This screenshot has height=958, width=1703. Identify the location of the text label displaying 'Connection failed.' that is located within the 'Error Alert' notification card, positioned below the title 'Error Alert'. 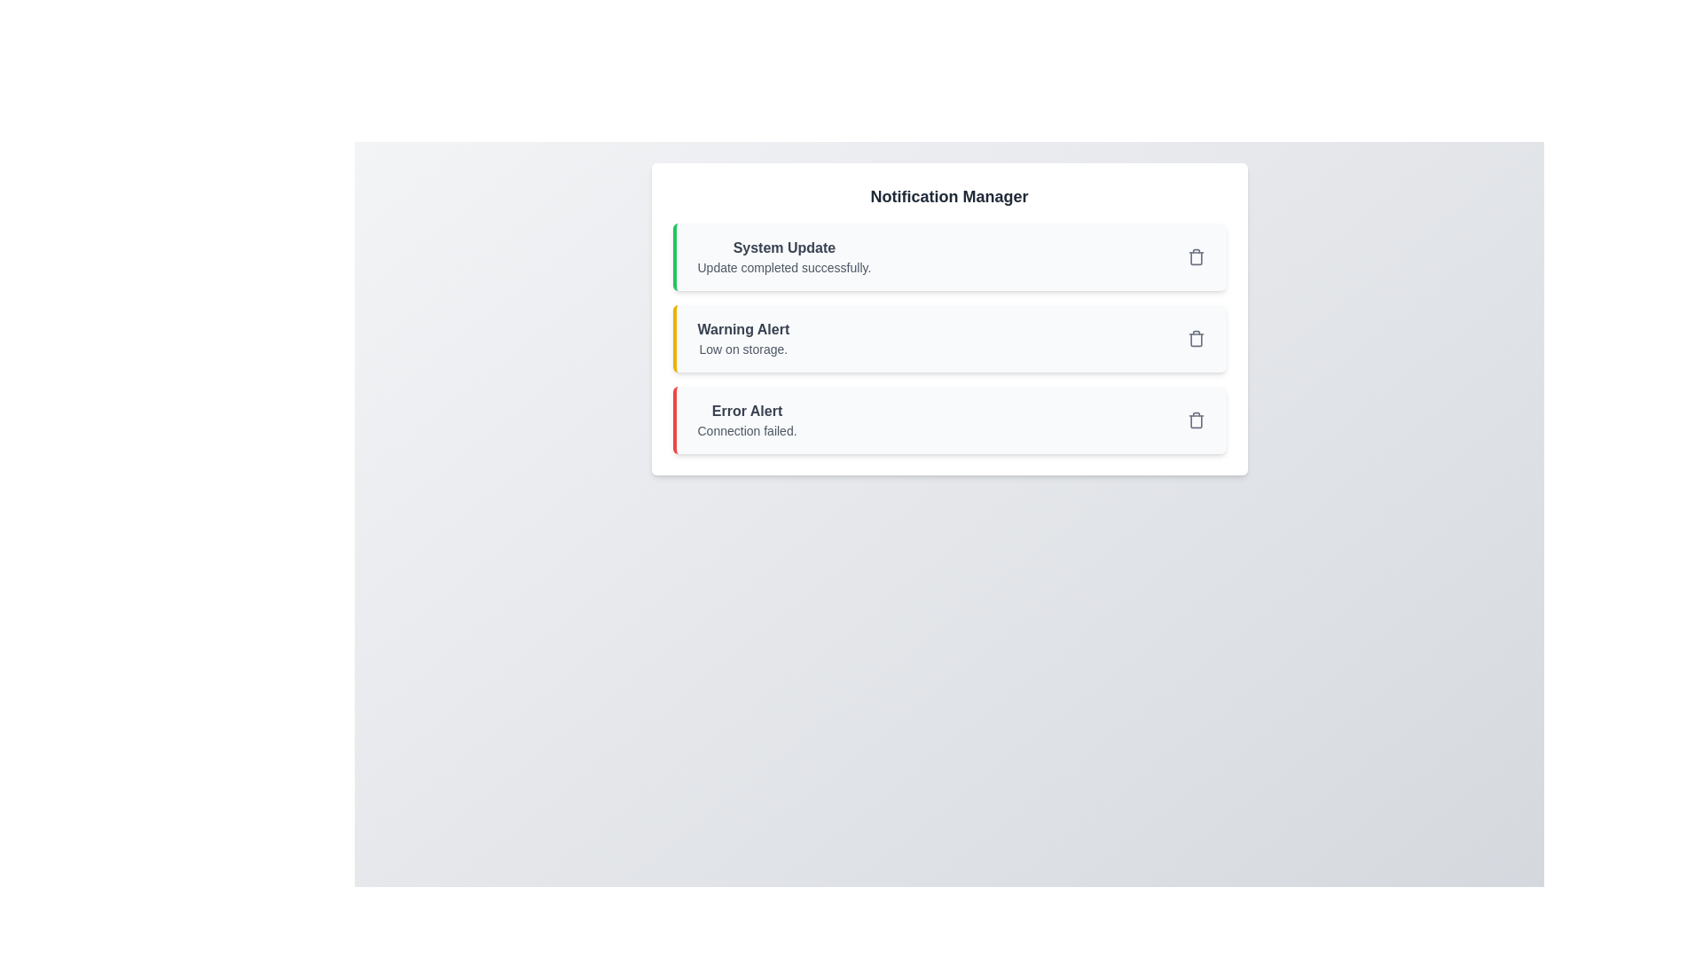
(747, 431).